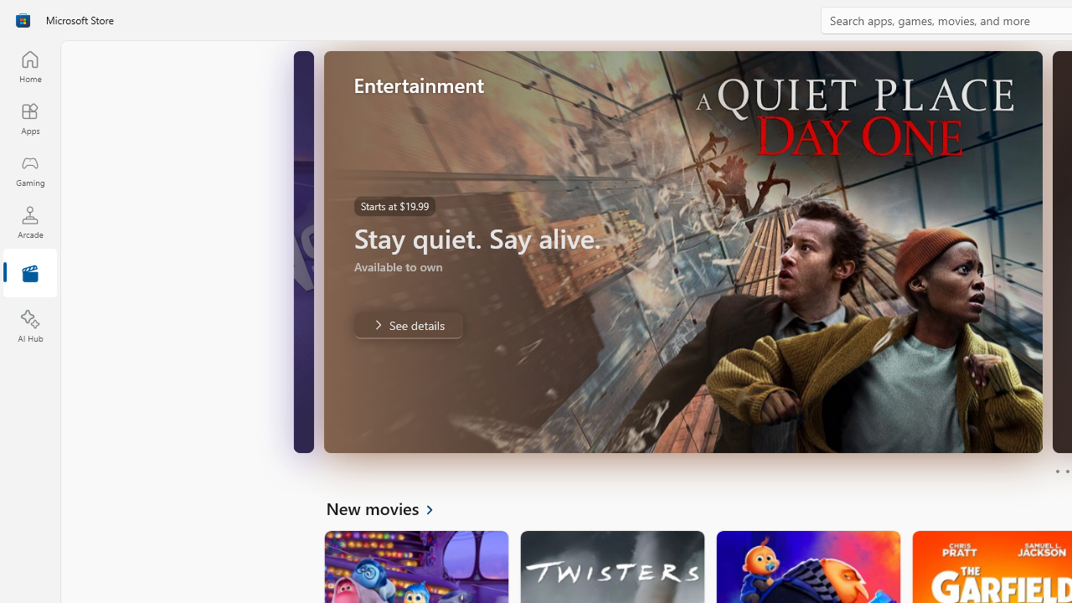  I want to click on 'Apps', so click(29, 117).